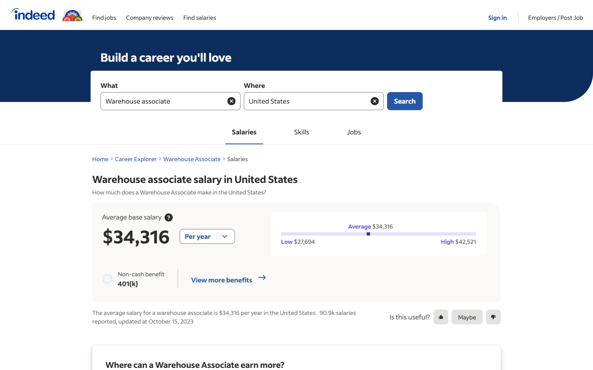 The width and height of the screenshot is (593, 370). Describe the element at coordinates (168, 217) in the screenshot. I see `a research on median pay statistics` at that location.